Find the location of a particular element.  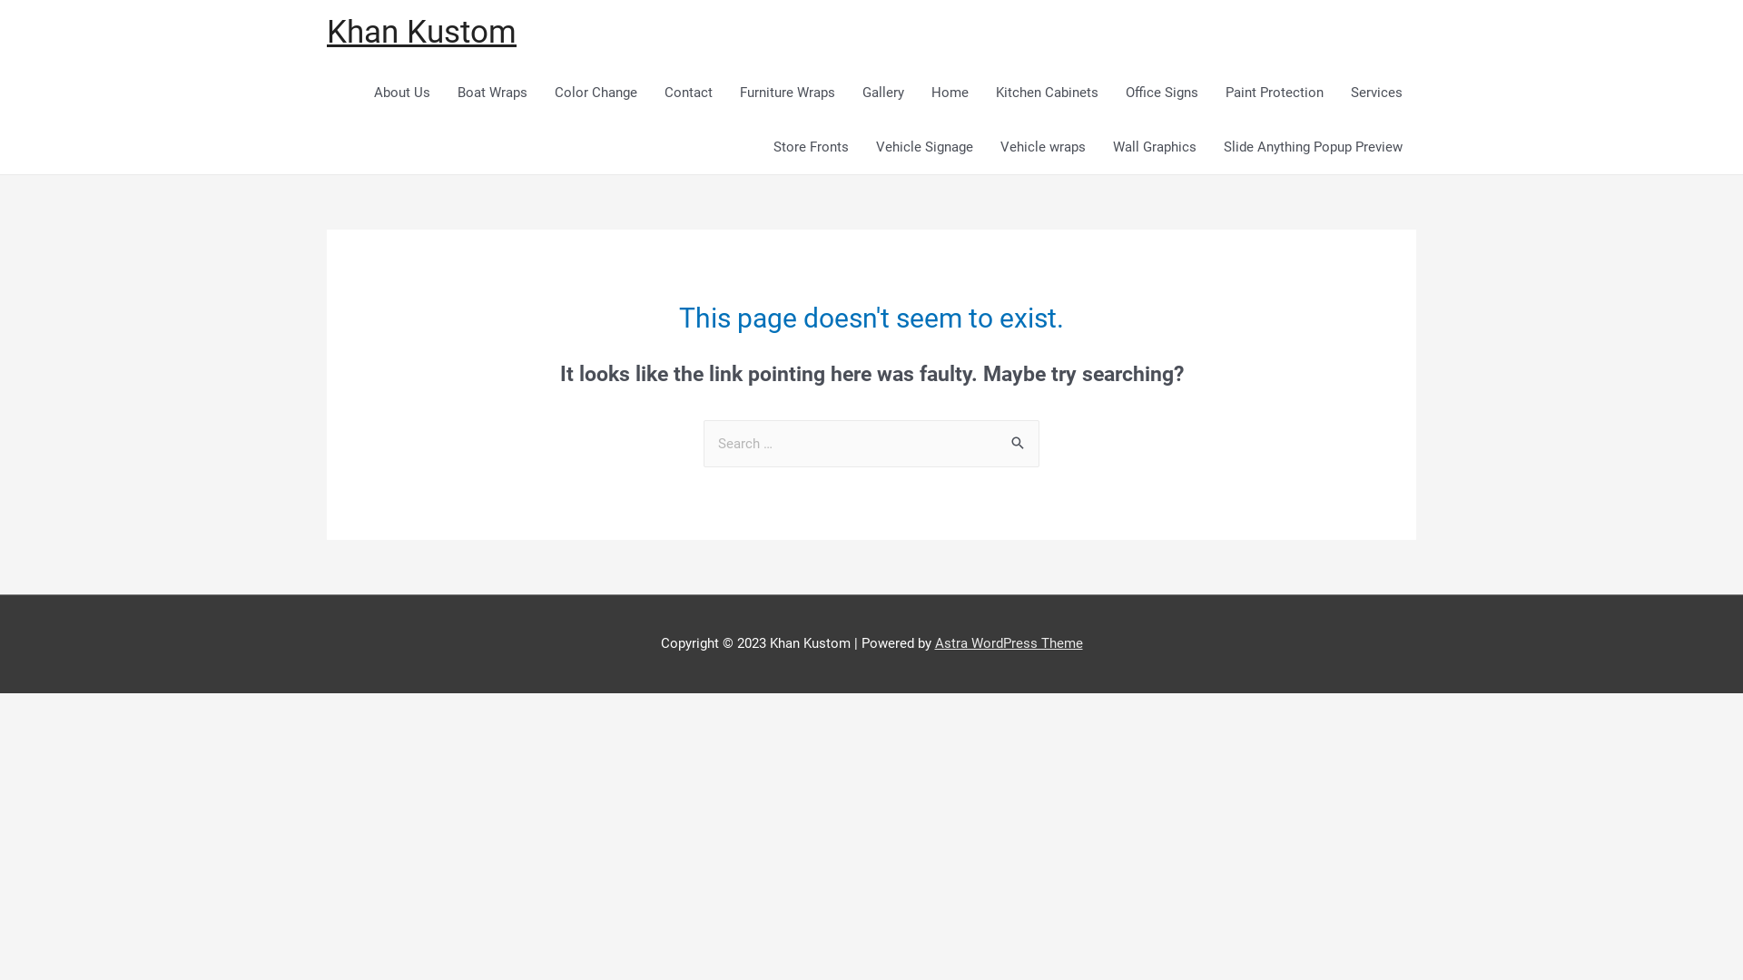

'Wall Graphics' is located at coordinates (1154, 146).